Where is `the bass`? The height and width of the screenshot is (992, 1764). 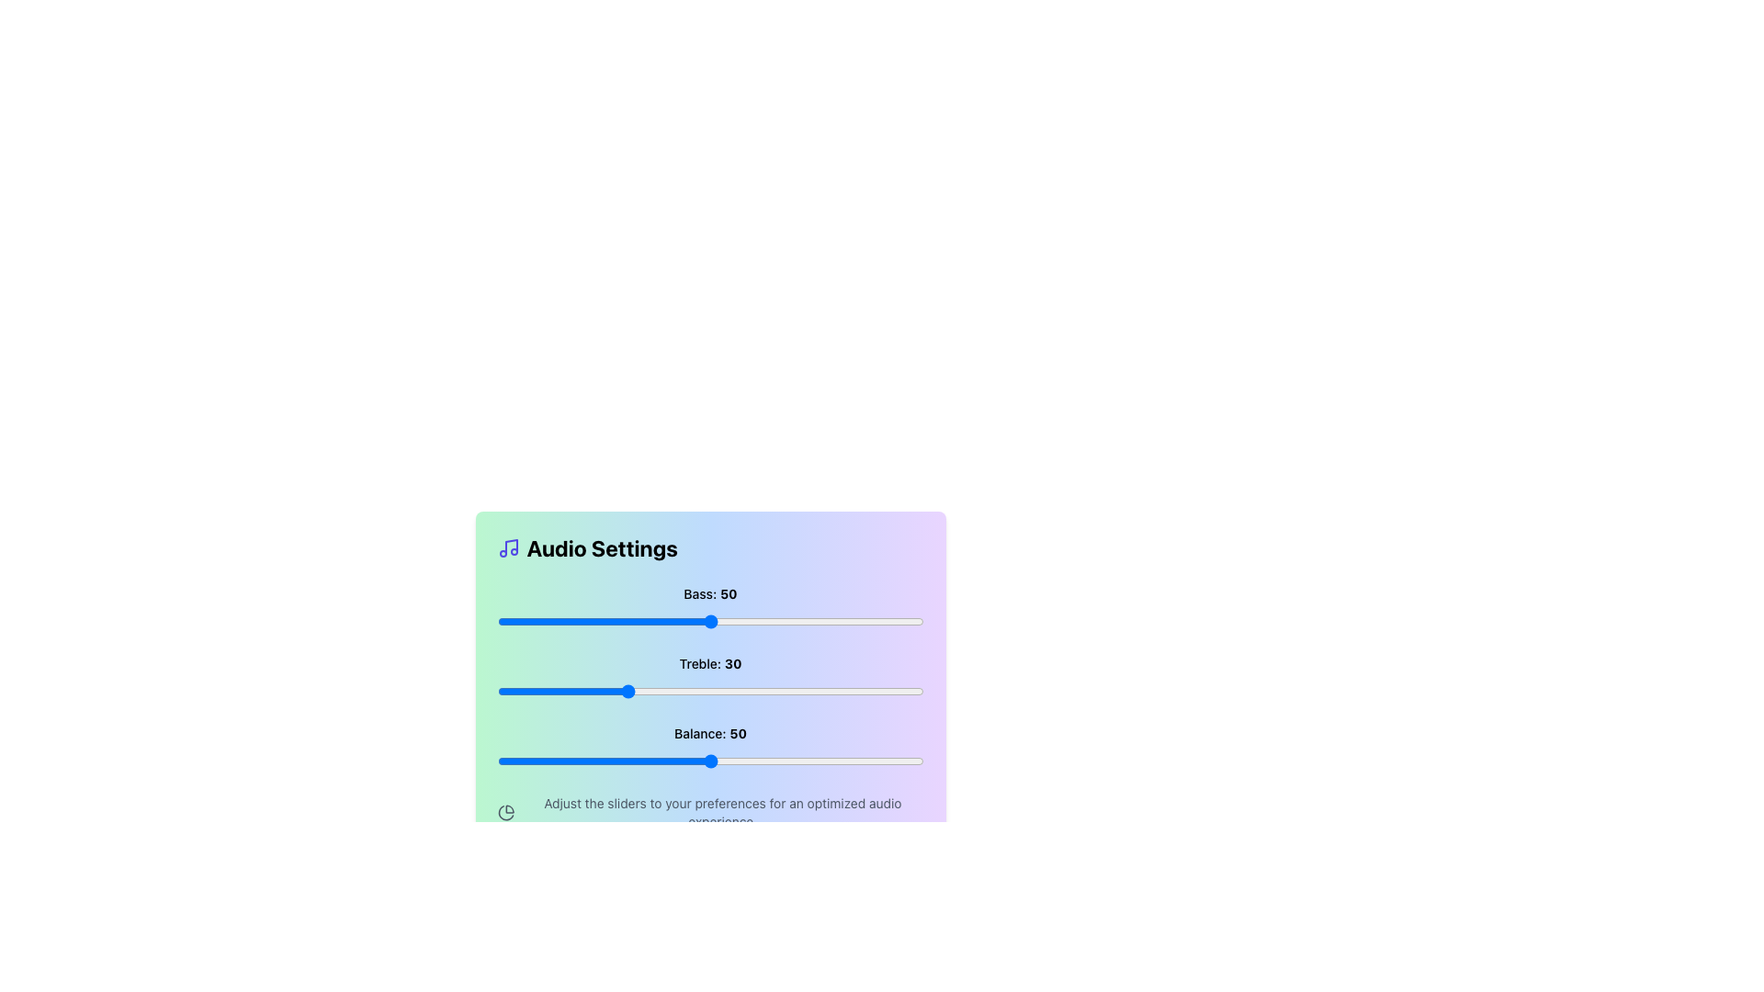
the bass is located at coordinates (577, 621).